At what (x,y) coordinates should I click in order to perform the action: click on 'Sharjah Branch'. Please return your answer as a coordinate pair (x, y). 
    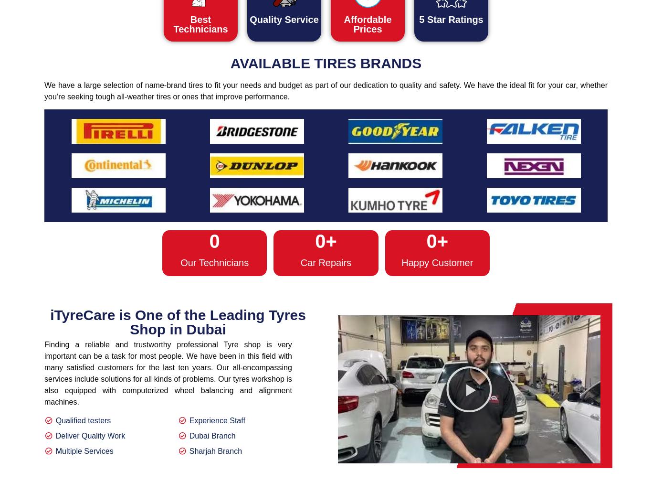
    Looking at the image, I should click on (215, 450).